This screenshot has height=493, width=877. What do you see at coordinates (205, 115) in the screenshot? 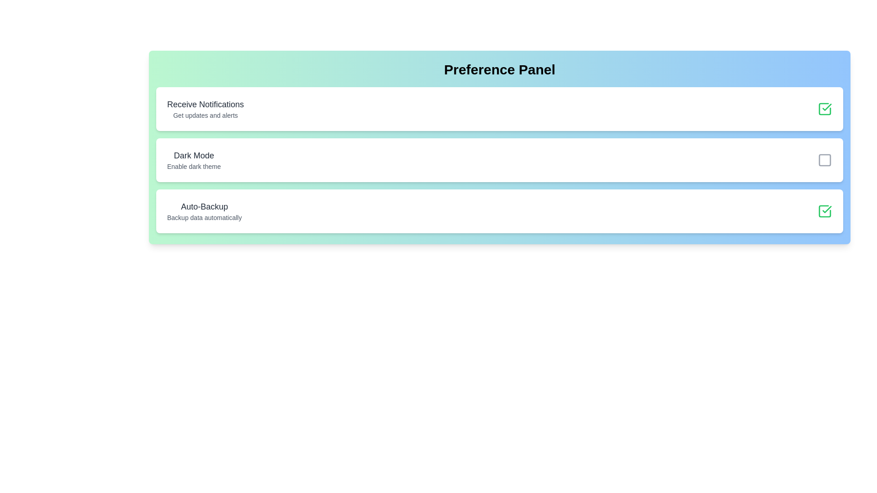
I see `the text label that reads 'Get updates and alerts', which is styled with a smaller font size and gray color, located within the 'Receive Notifications' panel, directly below the main text of the section` at bounding box center [205, 115].